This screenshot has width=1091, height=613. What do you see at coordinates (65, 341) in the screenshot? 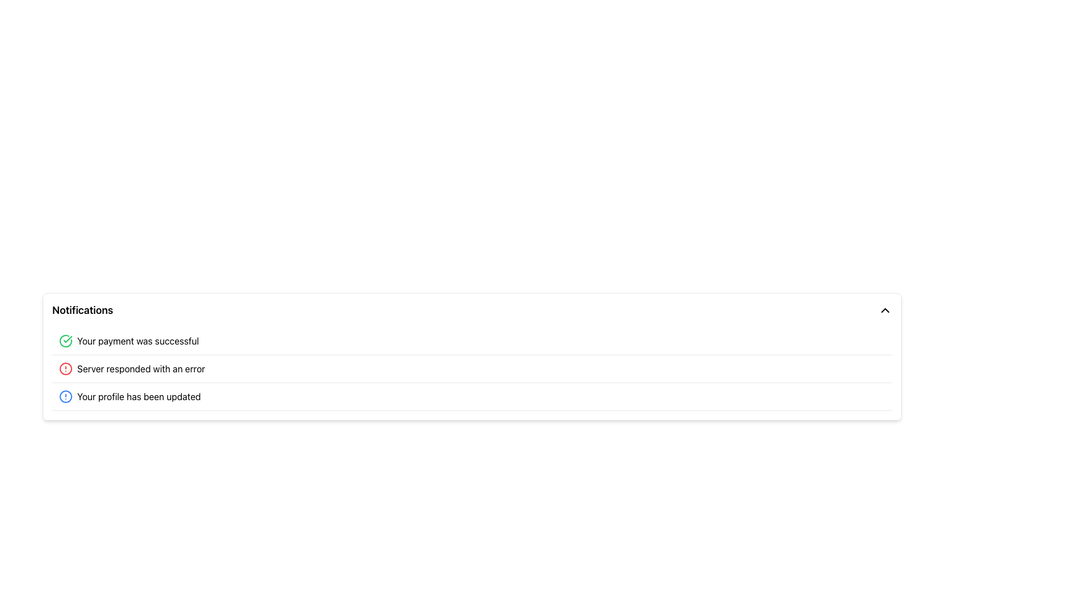
I see `the success status icon located to the left of the notification that reads 'Your payment was successful.'` at bounding box center [65, 341].